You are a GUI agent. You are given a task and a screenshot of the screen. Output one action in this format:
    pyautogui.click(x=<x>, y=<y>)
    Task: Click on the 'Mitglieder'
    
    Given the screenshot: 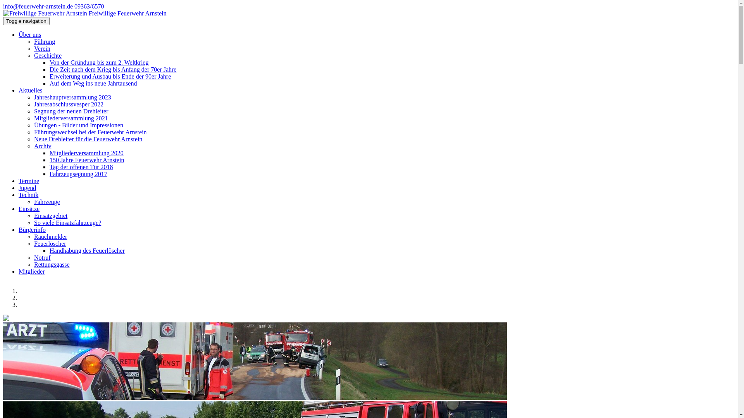 What is the action you would take?
    pyautogui.click(x=31, y=271)
    